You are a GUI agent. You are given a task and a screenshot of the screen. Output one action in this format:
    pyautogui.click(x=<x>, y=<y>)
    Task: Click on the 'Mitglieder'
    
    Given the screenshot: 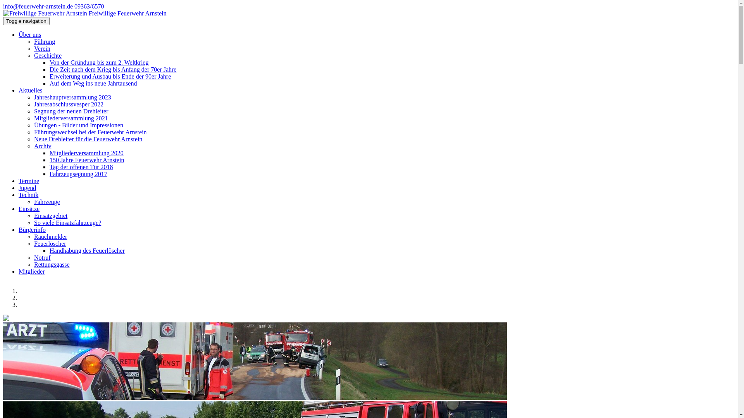 What is the action you would take?
    pyautogui.click(x=31, y=271)
    